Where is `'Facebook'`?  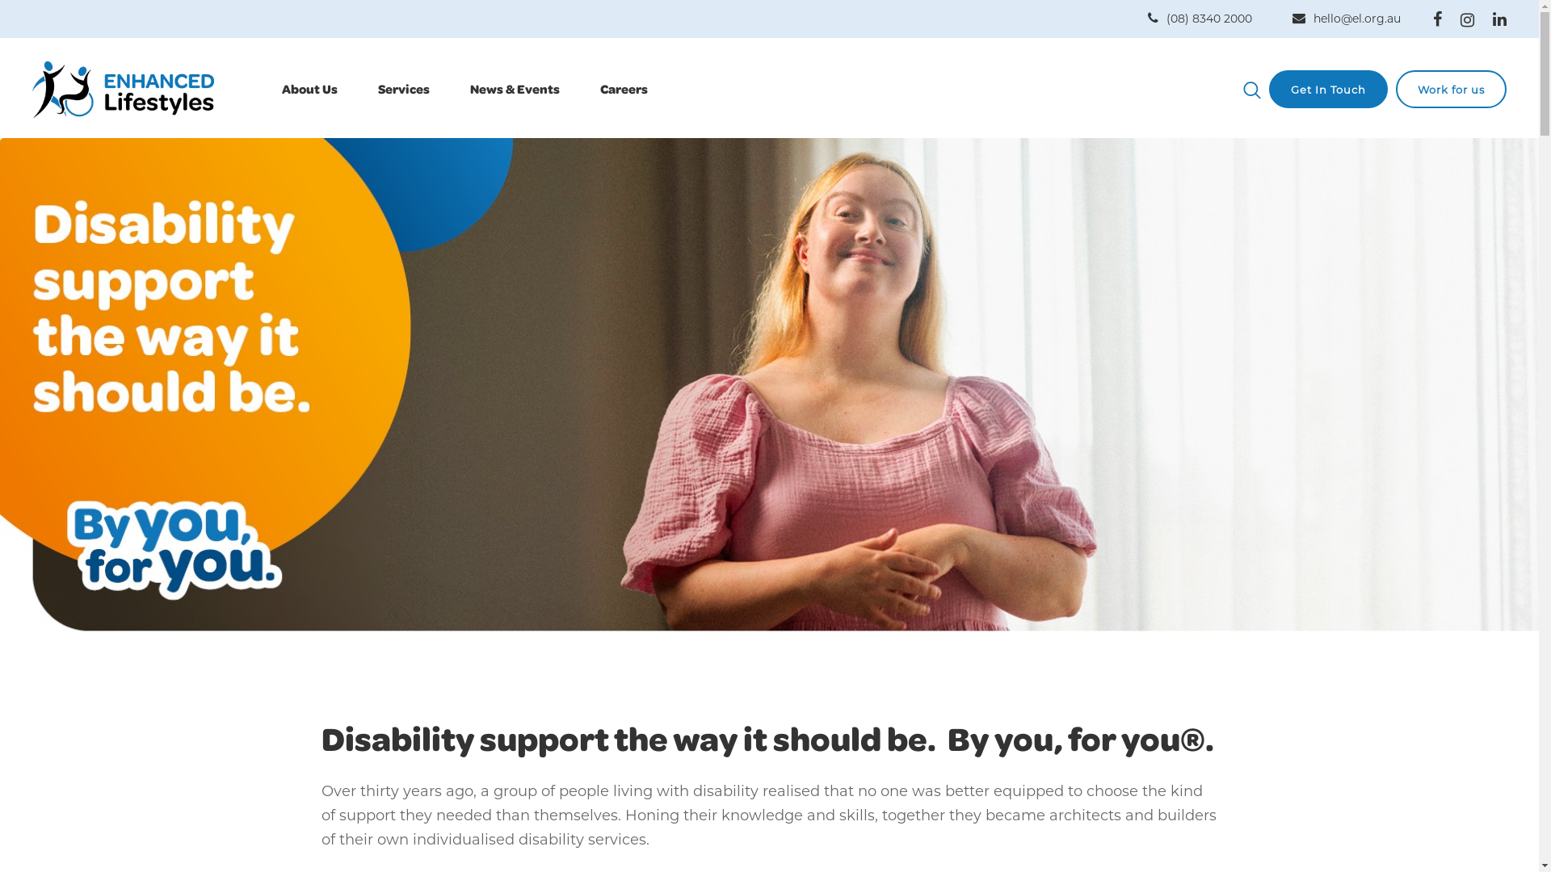 'Facebook' is located at coordinates (1437, 19).